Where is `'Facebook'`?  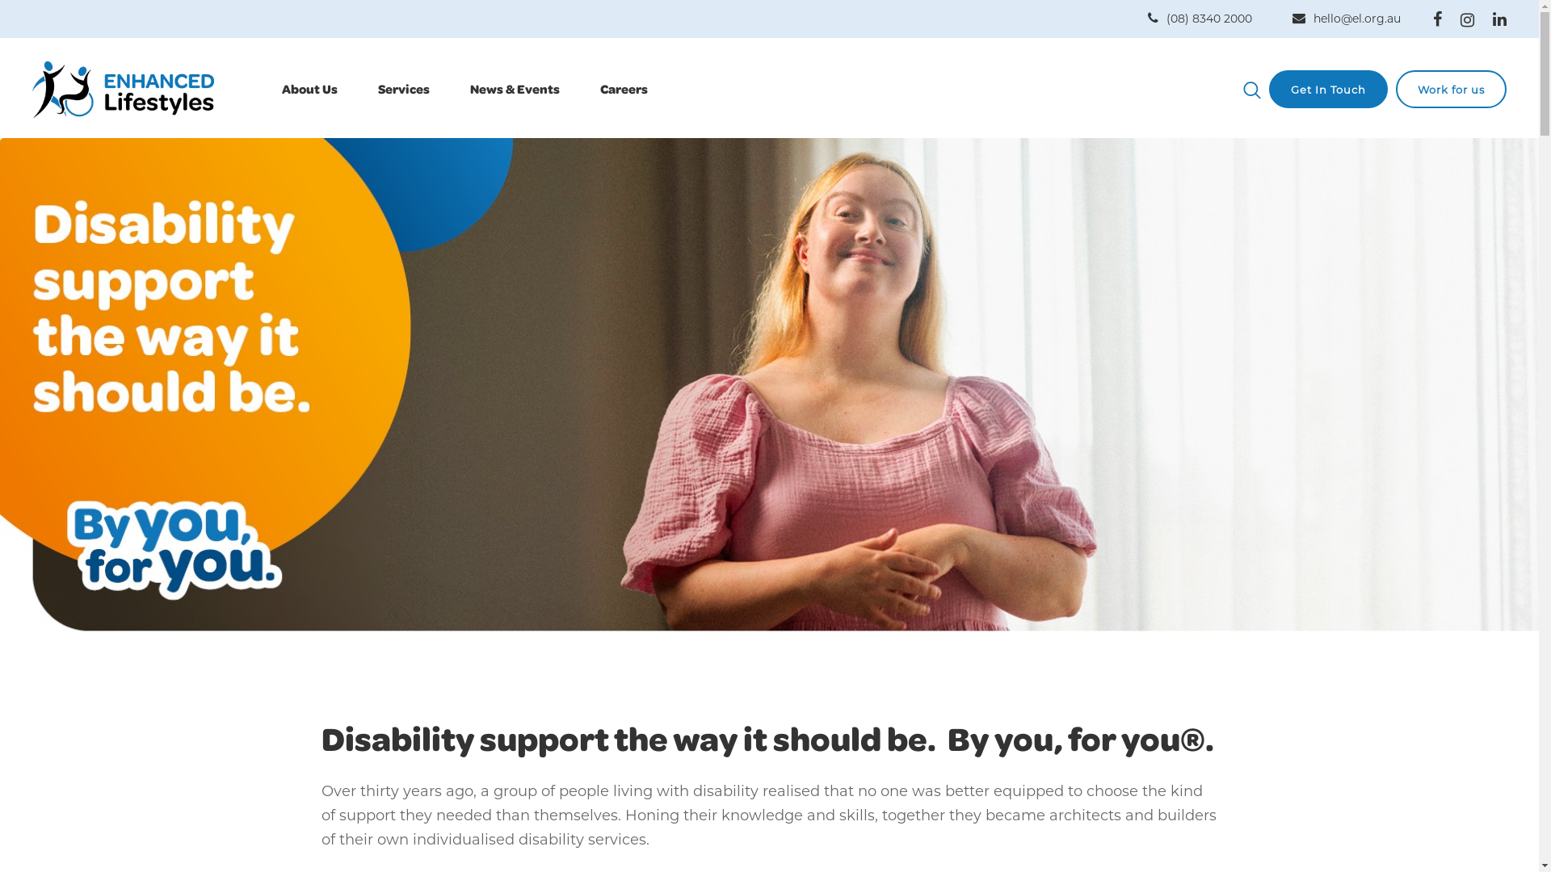 'Facebook' is located at coordinates (1437, 19).